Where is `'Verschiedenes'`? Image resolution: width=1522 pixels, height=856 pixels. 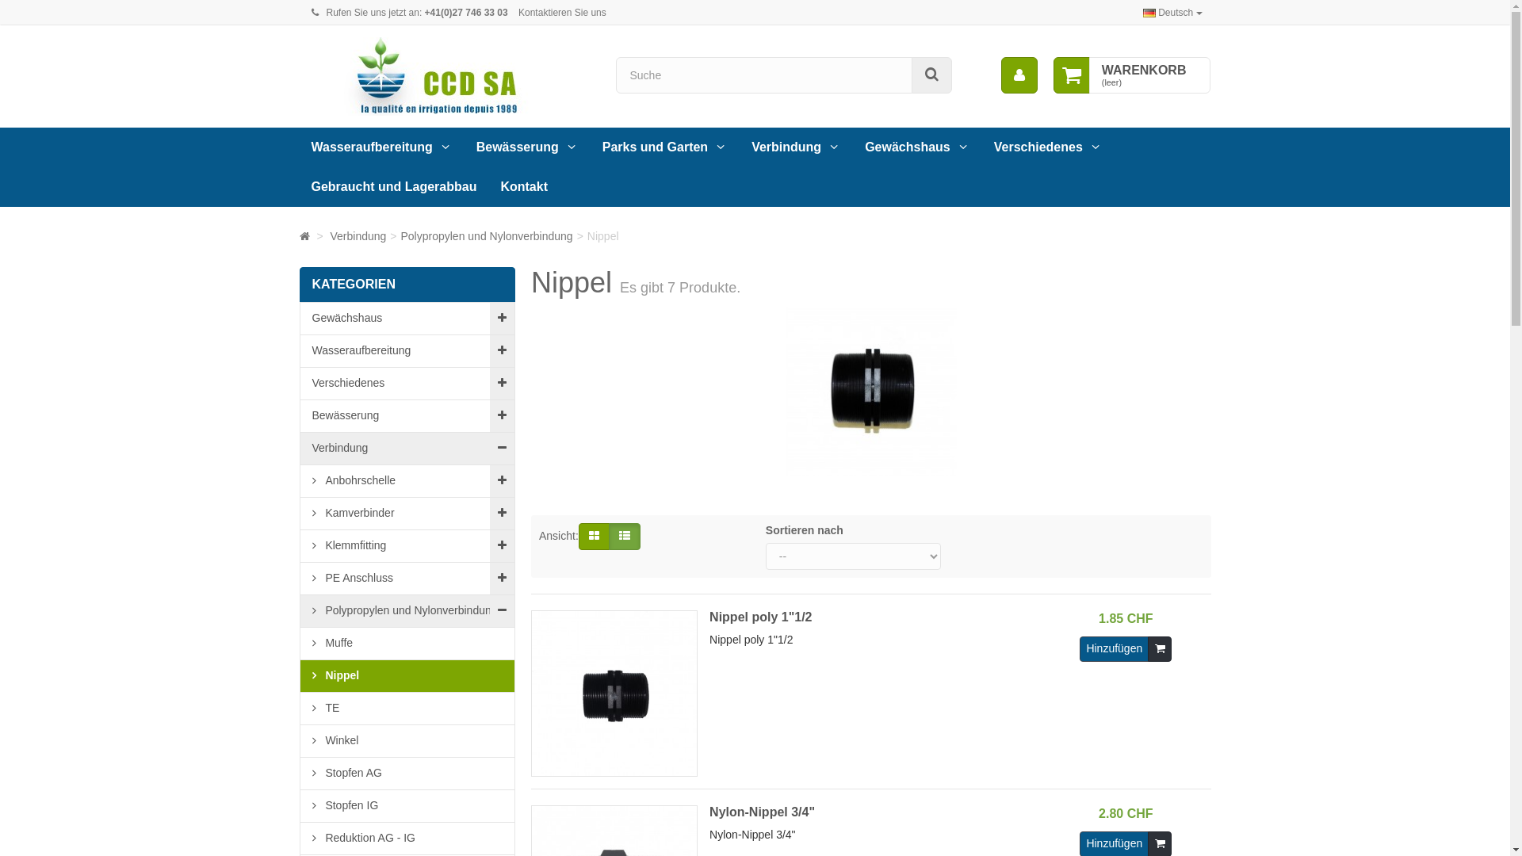
'Verschiedenes' is located at coordinates (1048, 147).